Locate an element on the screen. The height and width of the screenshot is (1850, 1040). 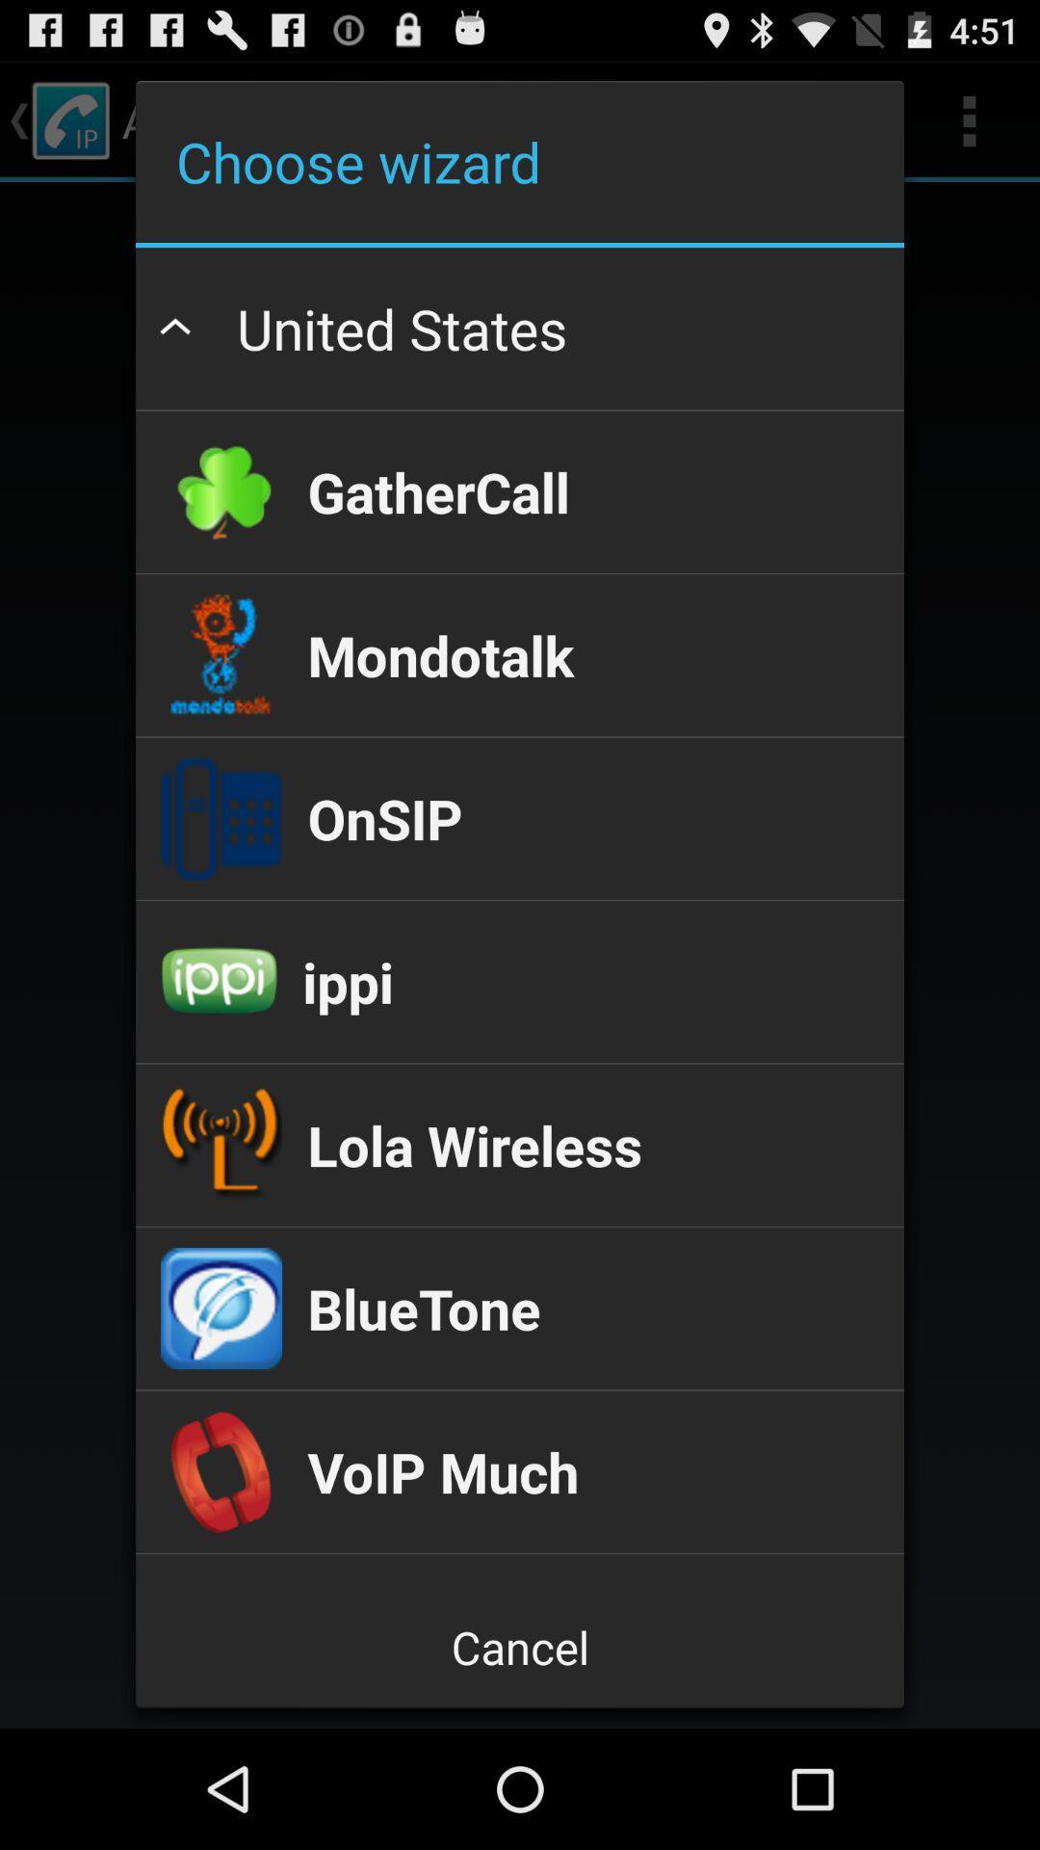
icon below voiptel mobile app is located at coordinates (520, 1646).